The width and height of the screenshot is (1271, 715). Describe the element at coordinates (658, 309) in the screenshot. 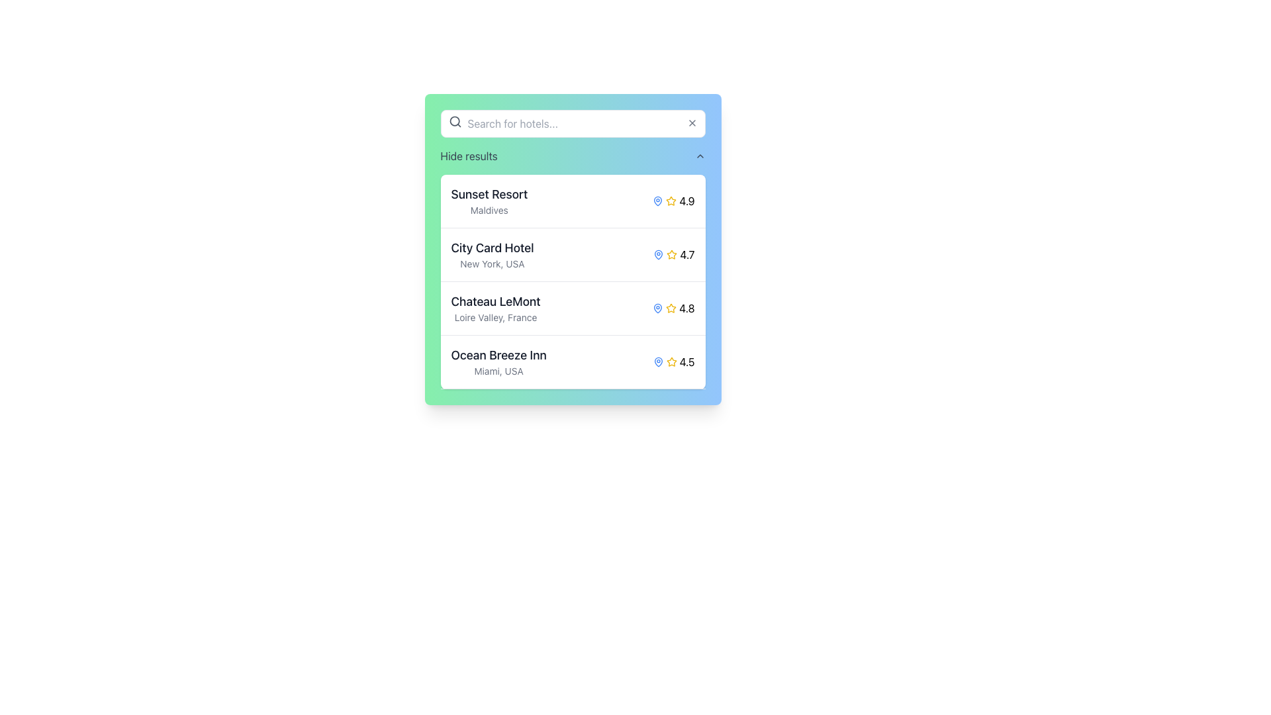

I see `the location pin icon next to 'Chateau LeMont' which indicates its geographical relevance, represented as a blue SVG element` at that location.